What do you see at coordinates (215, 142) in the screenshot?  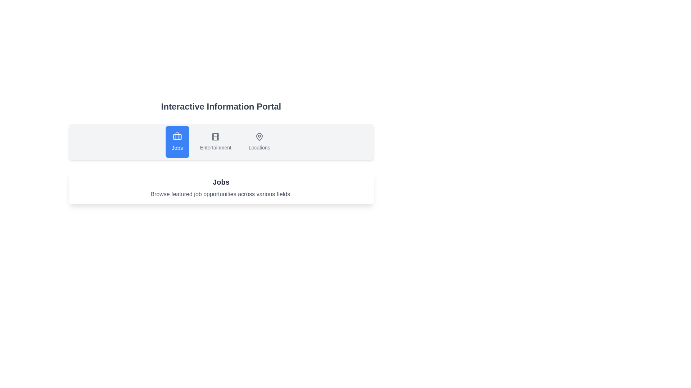 I see `the Entertainment tab by clicking its button` at bounding box center [215, 142].